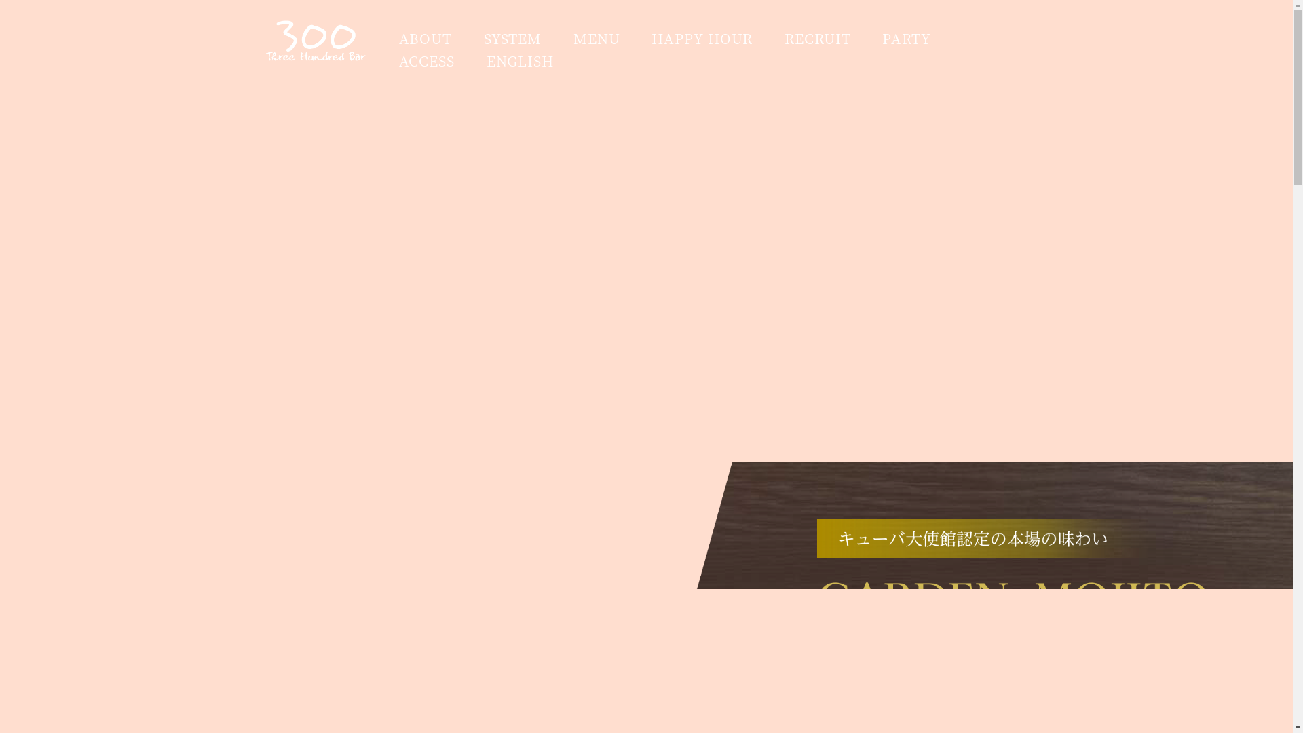 The height and width of the screenshot is (733, 1303). I want to click on 'ABOUT', so click(425, 38).